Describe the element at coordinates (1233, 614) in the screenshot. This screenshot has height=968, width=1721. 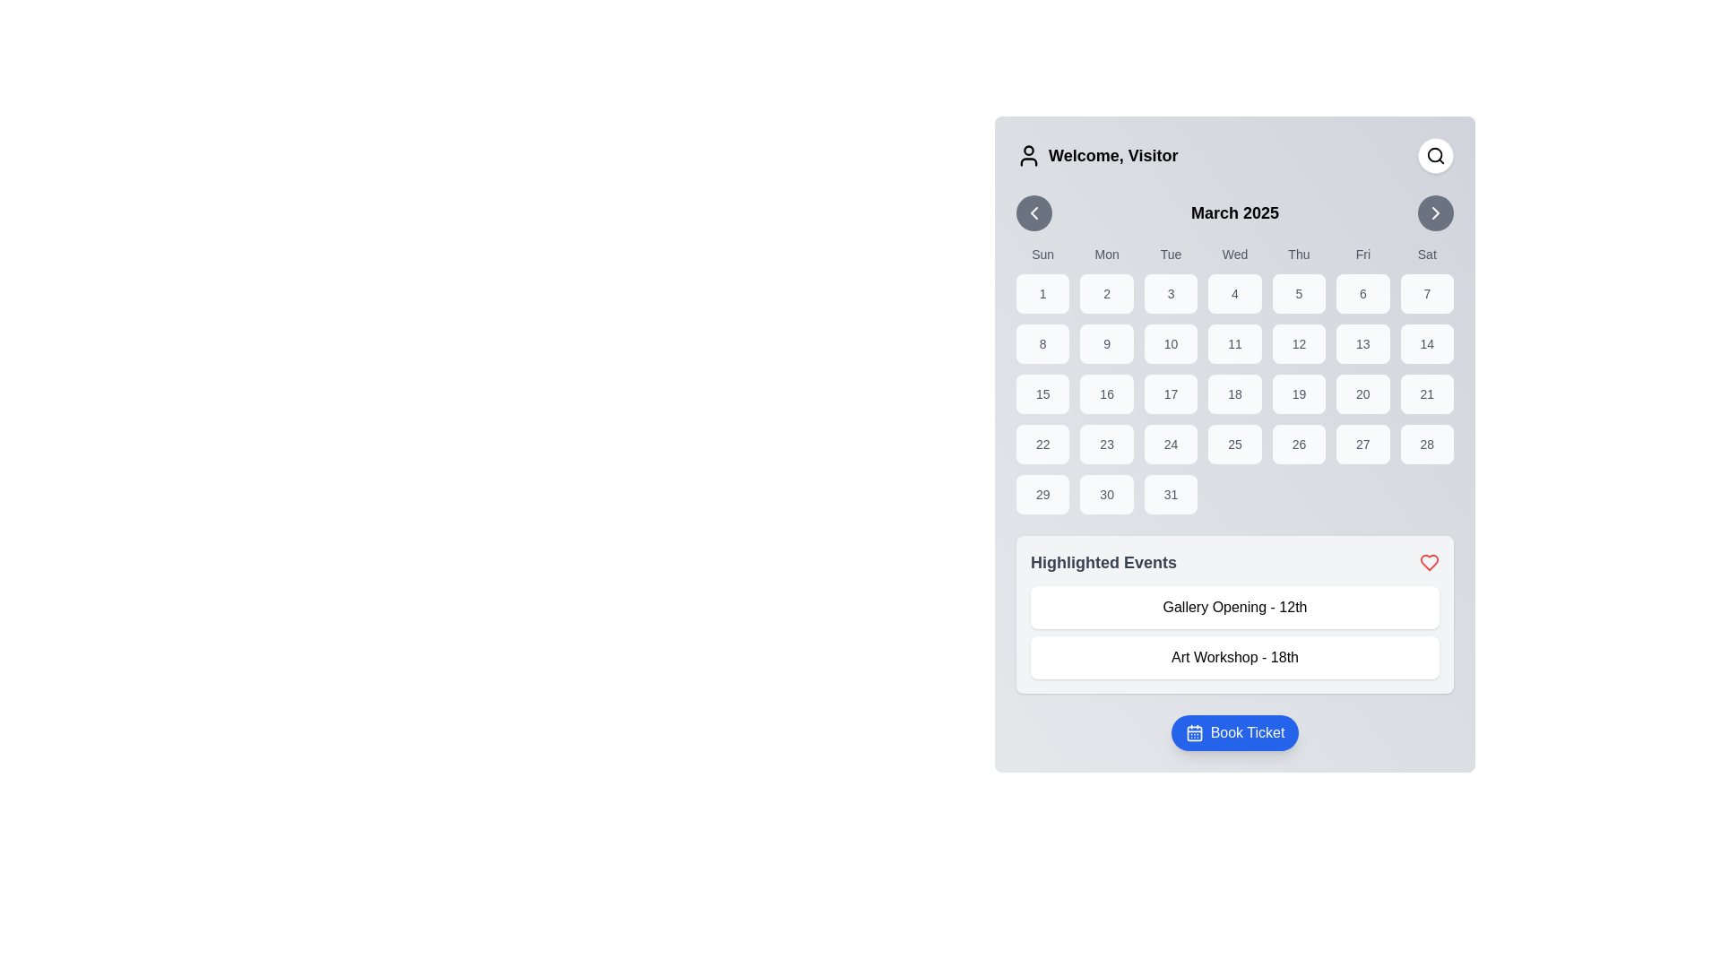
I see `events listed in the Information Card titled 'Highlighted Events', which contains 'Gallery Opening - 12th' and 'Art Workshop - 18th'` at that location.